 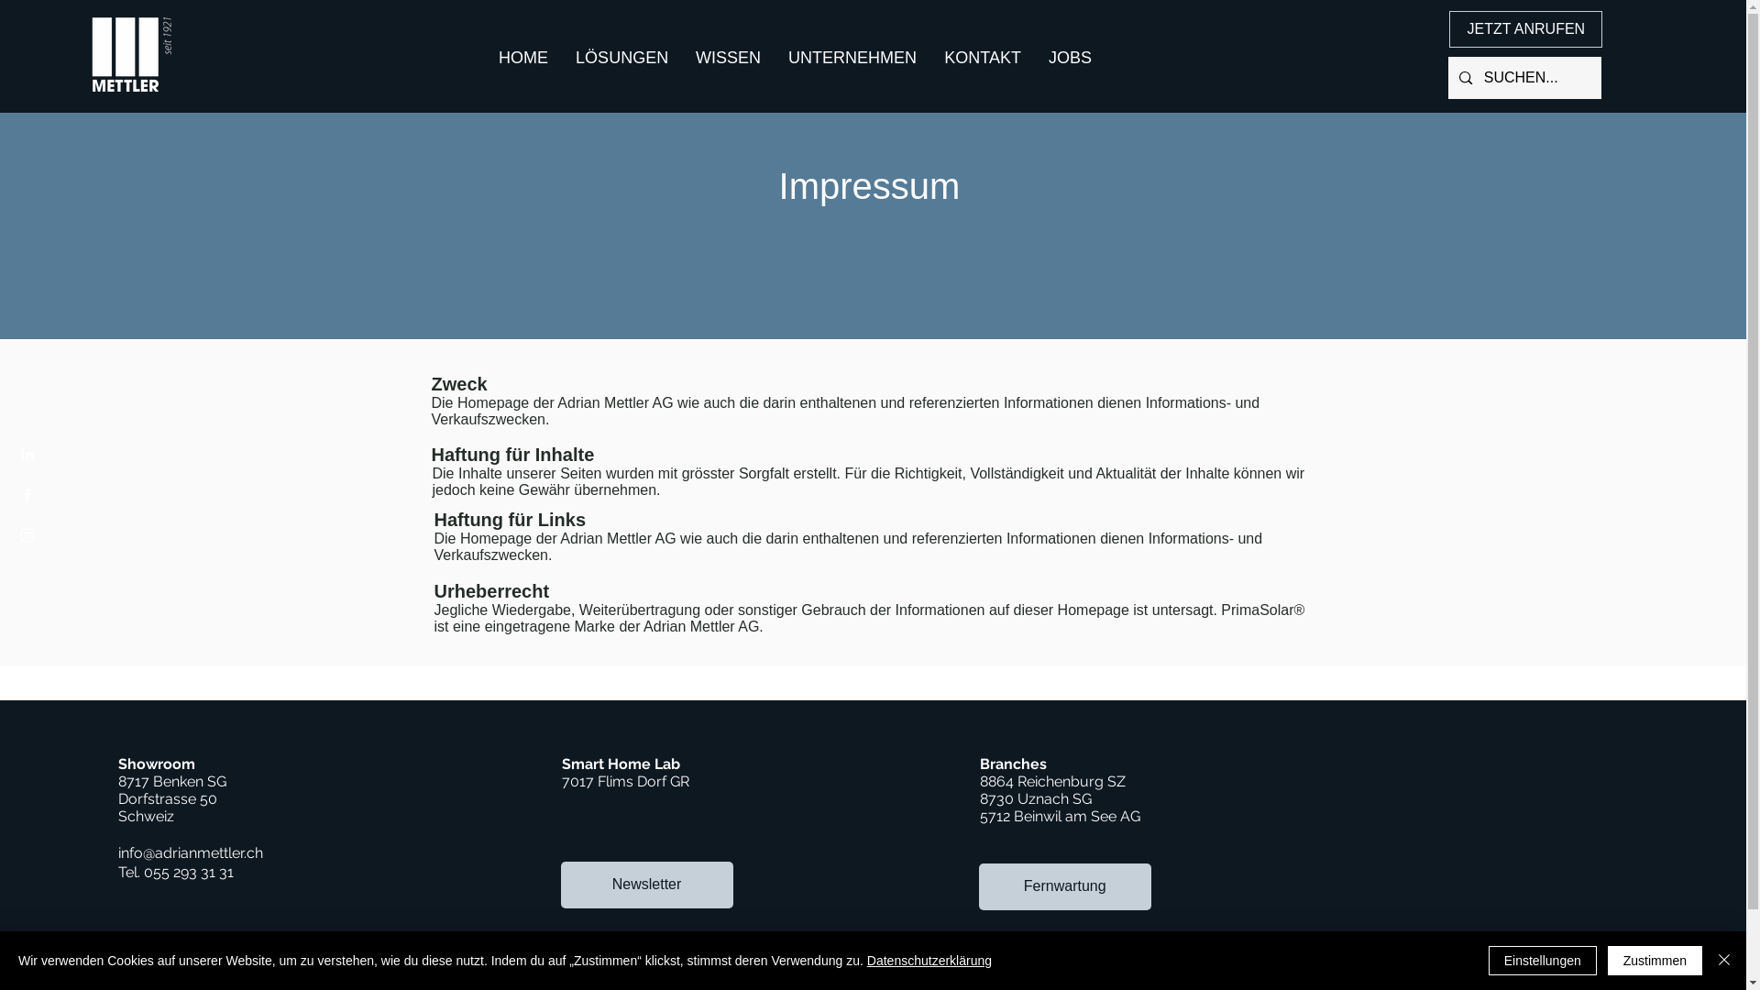 What do you see at coordinates (1655, 960) in the screenshot?
I see `'Zustimmen'` at bounding box center [1655, 960].